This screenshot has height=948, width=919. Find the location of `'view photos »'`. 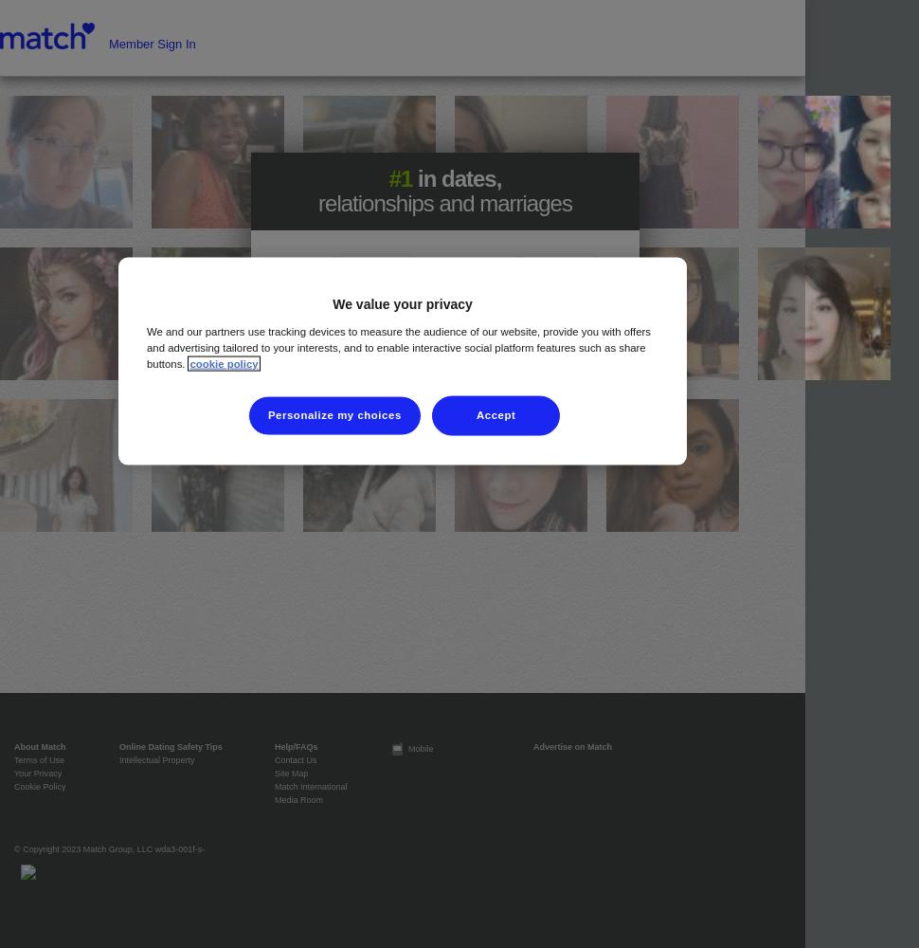

'view photos »' is located at coordinates (443, 407).